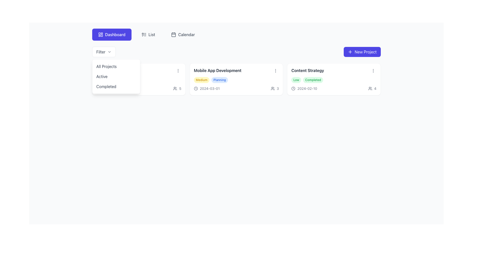 The image size is (481, 271). What do you see at coordinates (111, 34) in the screenshot?
I see `the 'Dashboard' navigation button` at bounding box center [111, 34].